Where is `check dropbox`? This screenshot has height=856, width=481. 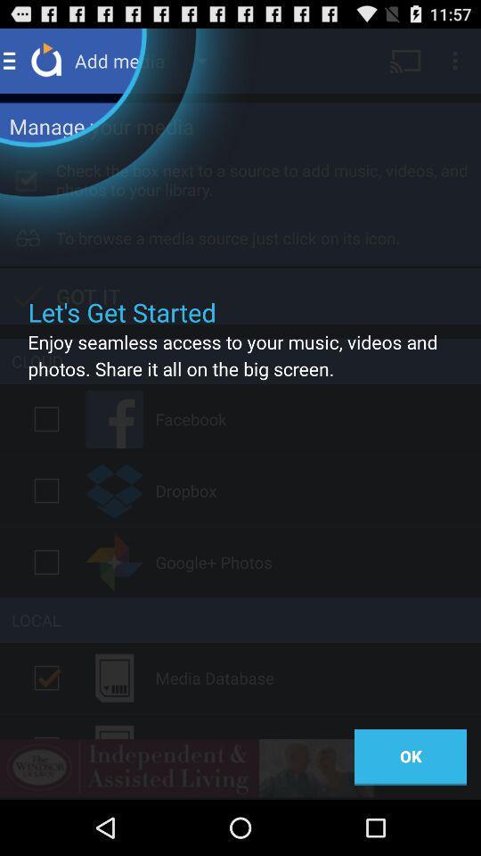 check dropbox is located at coordinates (46, 490).